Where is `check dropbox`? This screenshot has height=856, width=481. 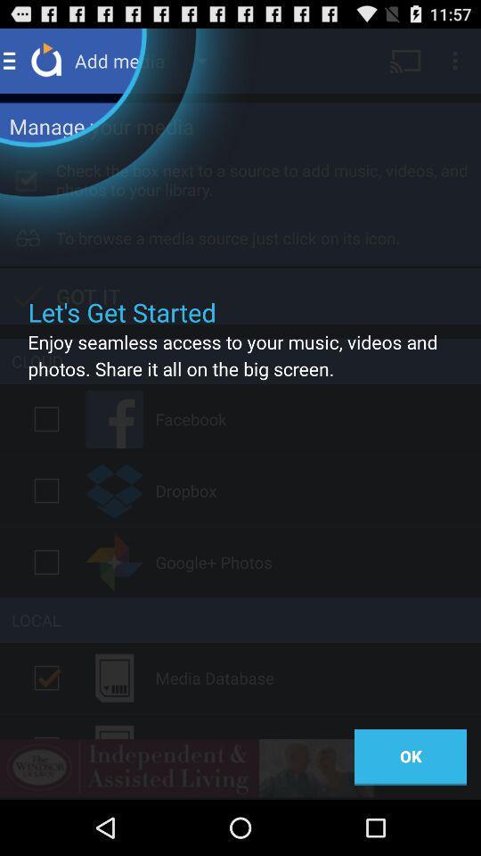 check dropbox is located at coordinates (46, 490).